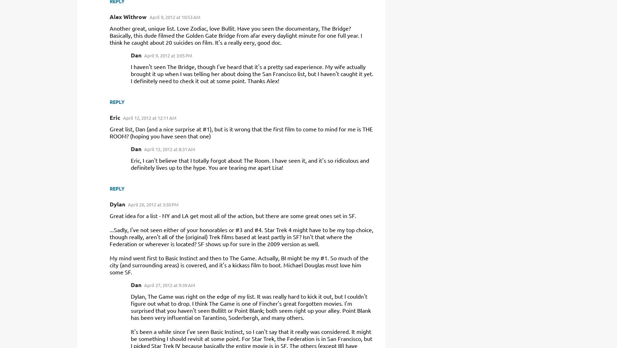 The width and height of the screenshot is (617, 348). What do you see at coordinates (117, 204) in the screenshot?
I see `'Dylan'` at bounding box center [117, 204].